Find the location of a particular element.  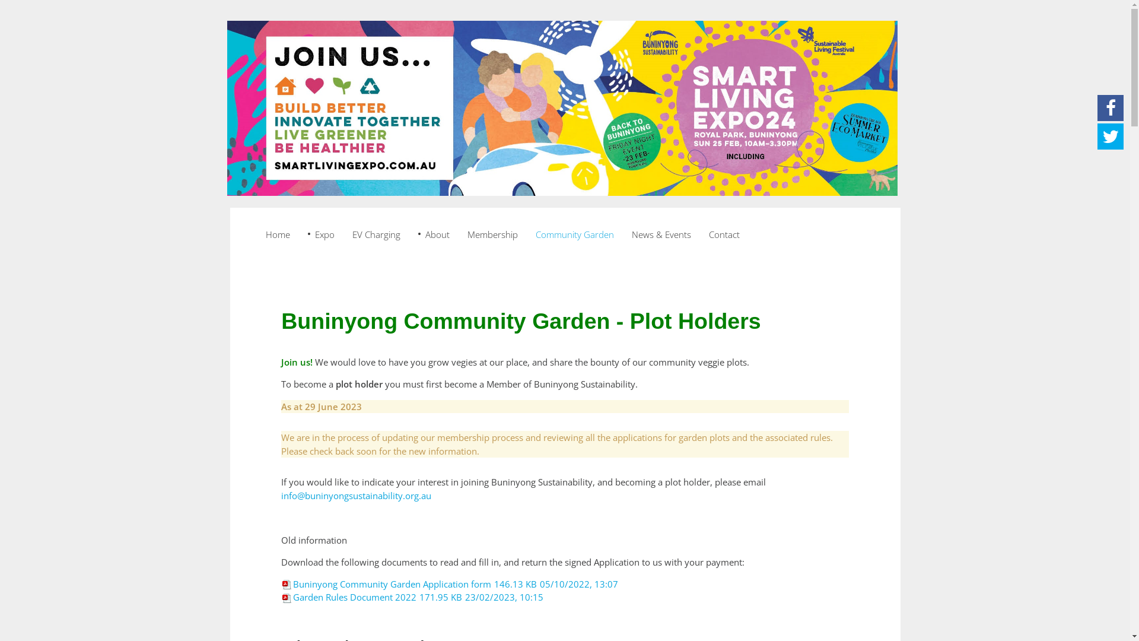

'EV Charging' is located at coordinates (376, 234).